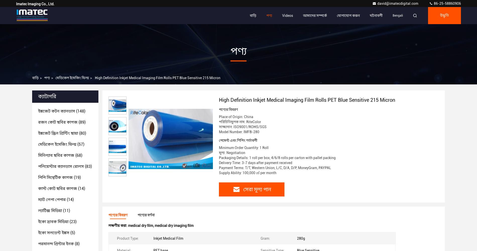 The image size is (477, 251). Describe the element at coordinates (218, 131) in the screenshot. I see `'Model Number: IMFB-280'` at that location.